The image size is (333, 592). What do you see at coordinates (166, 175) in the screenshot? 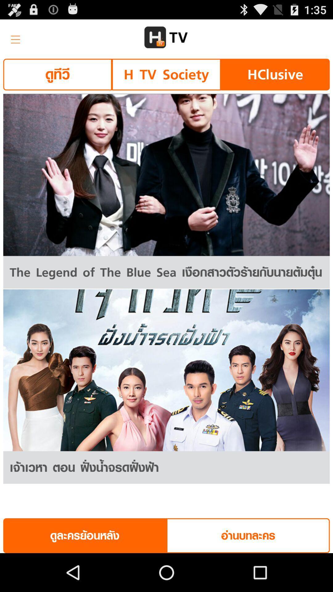
I see `the first image below the h tv society` at bounding box center [166, 175].